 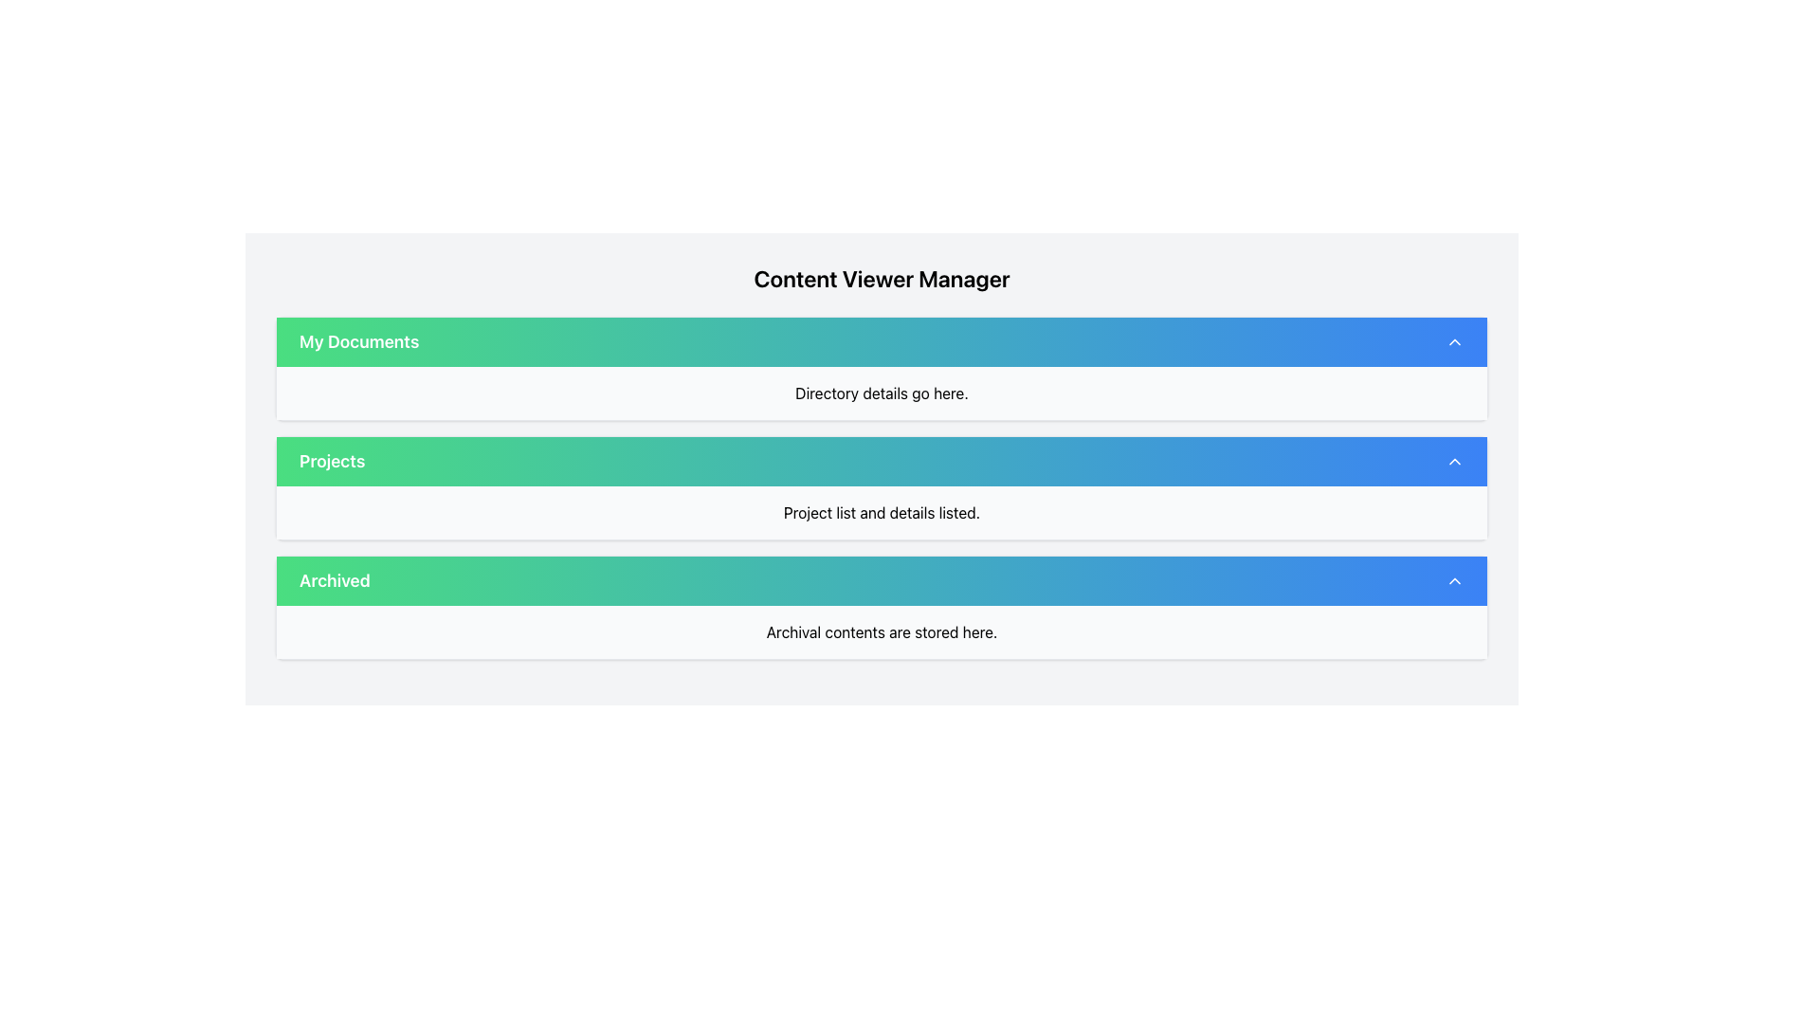 I want to click on the upward-facing chevron (^) icon on the far-right side of the 'Archived' bar, so click(x=1454, y=580).